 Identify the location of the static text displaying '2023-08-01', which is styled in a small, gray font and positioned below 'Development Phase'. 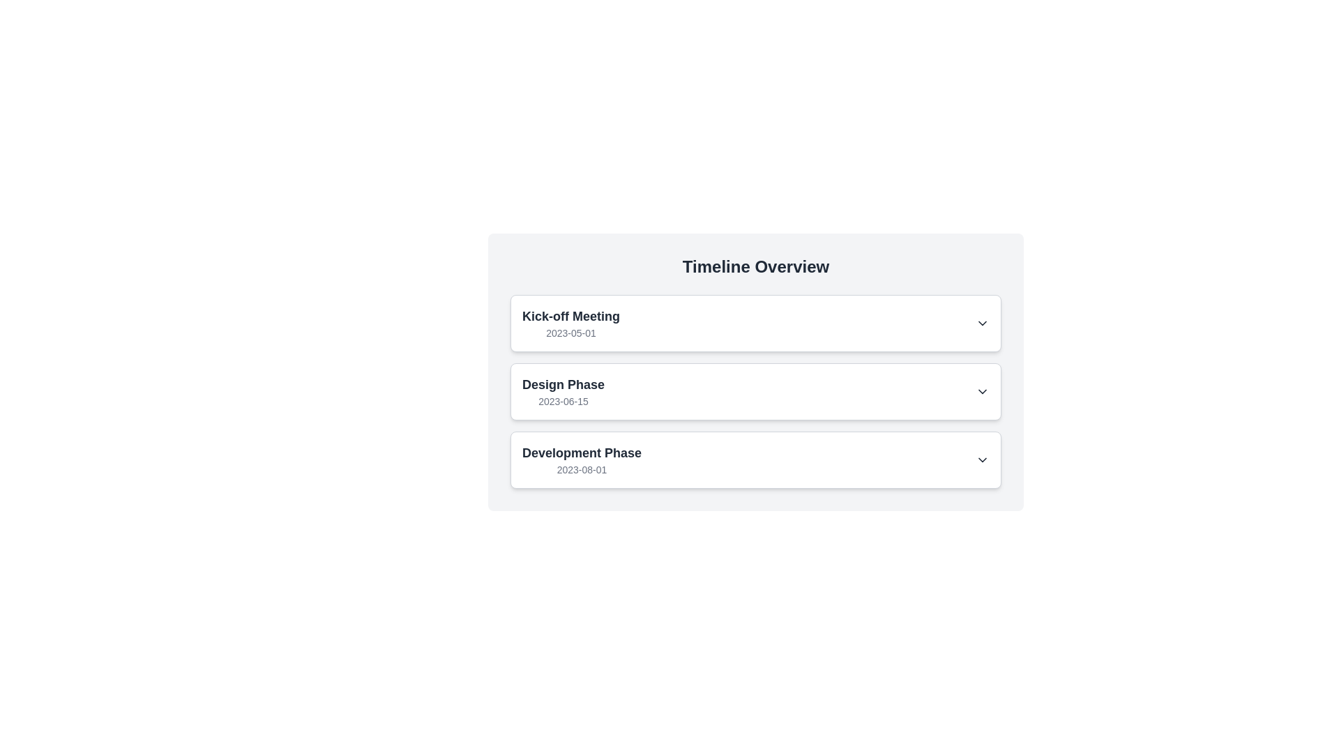
(582, 470).